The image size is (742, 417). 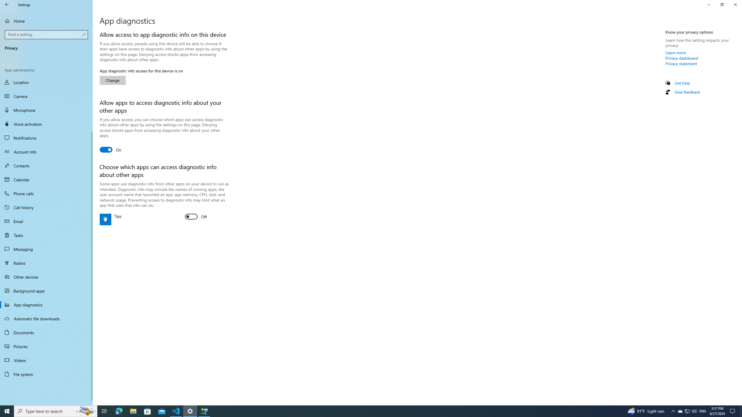 I want to click on 'Automatic file downloads', so click(x=46, y=318).